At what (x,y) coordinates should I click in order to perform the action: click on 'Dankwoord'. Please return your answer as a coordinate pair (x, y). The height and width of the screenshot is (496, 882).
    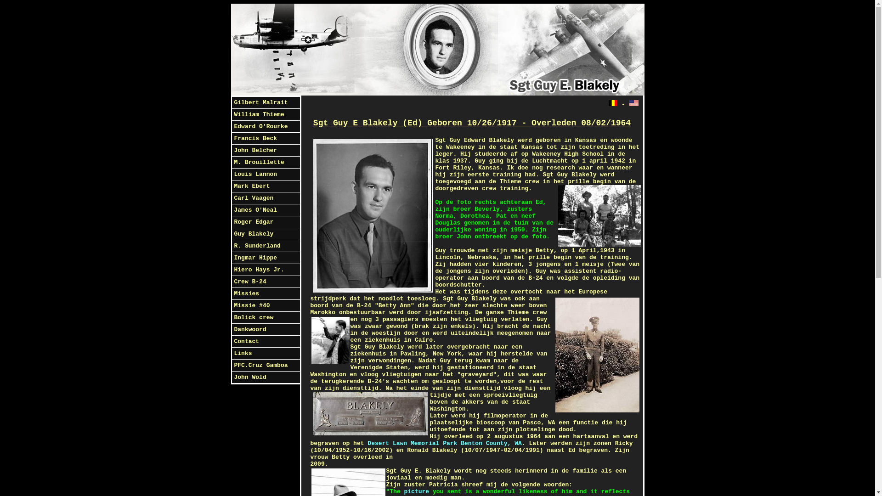
    Looking at the image, I should click on (265, 329).